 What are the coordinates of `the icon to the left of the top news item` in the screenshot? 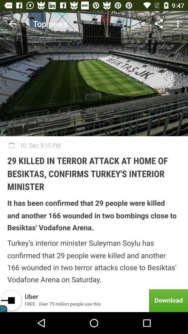 It's located at (13, 24).